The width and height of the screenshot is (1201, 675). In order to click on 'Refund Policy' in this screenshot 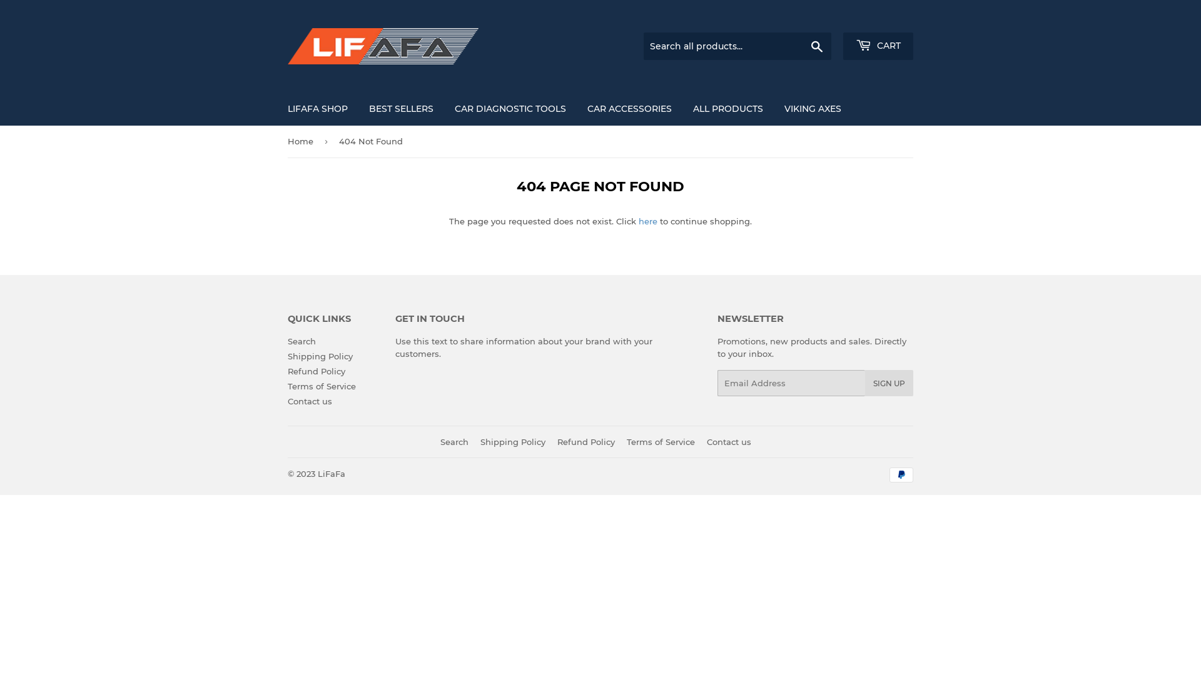, I will do `click(585, 440)`.